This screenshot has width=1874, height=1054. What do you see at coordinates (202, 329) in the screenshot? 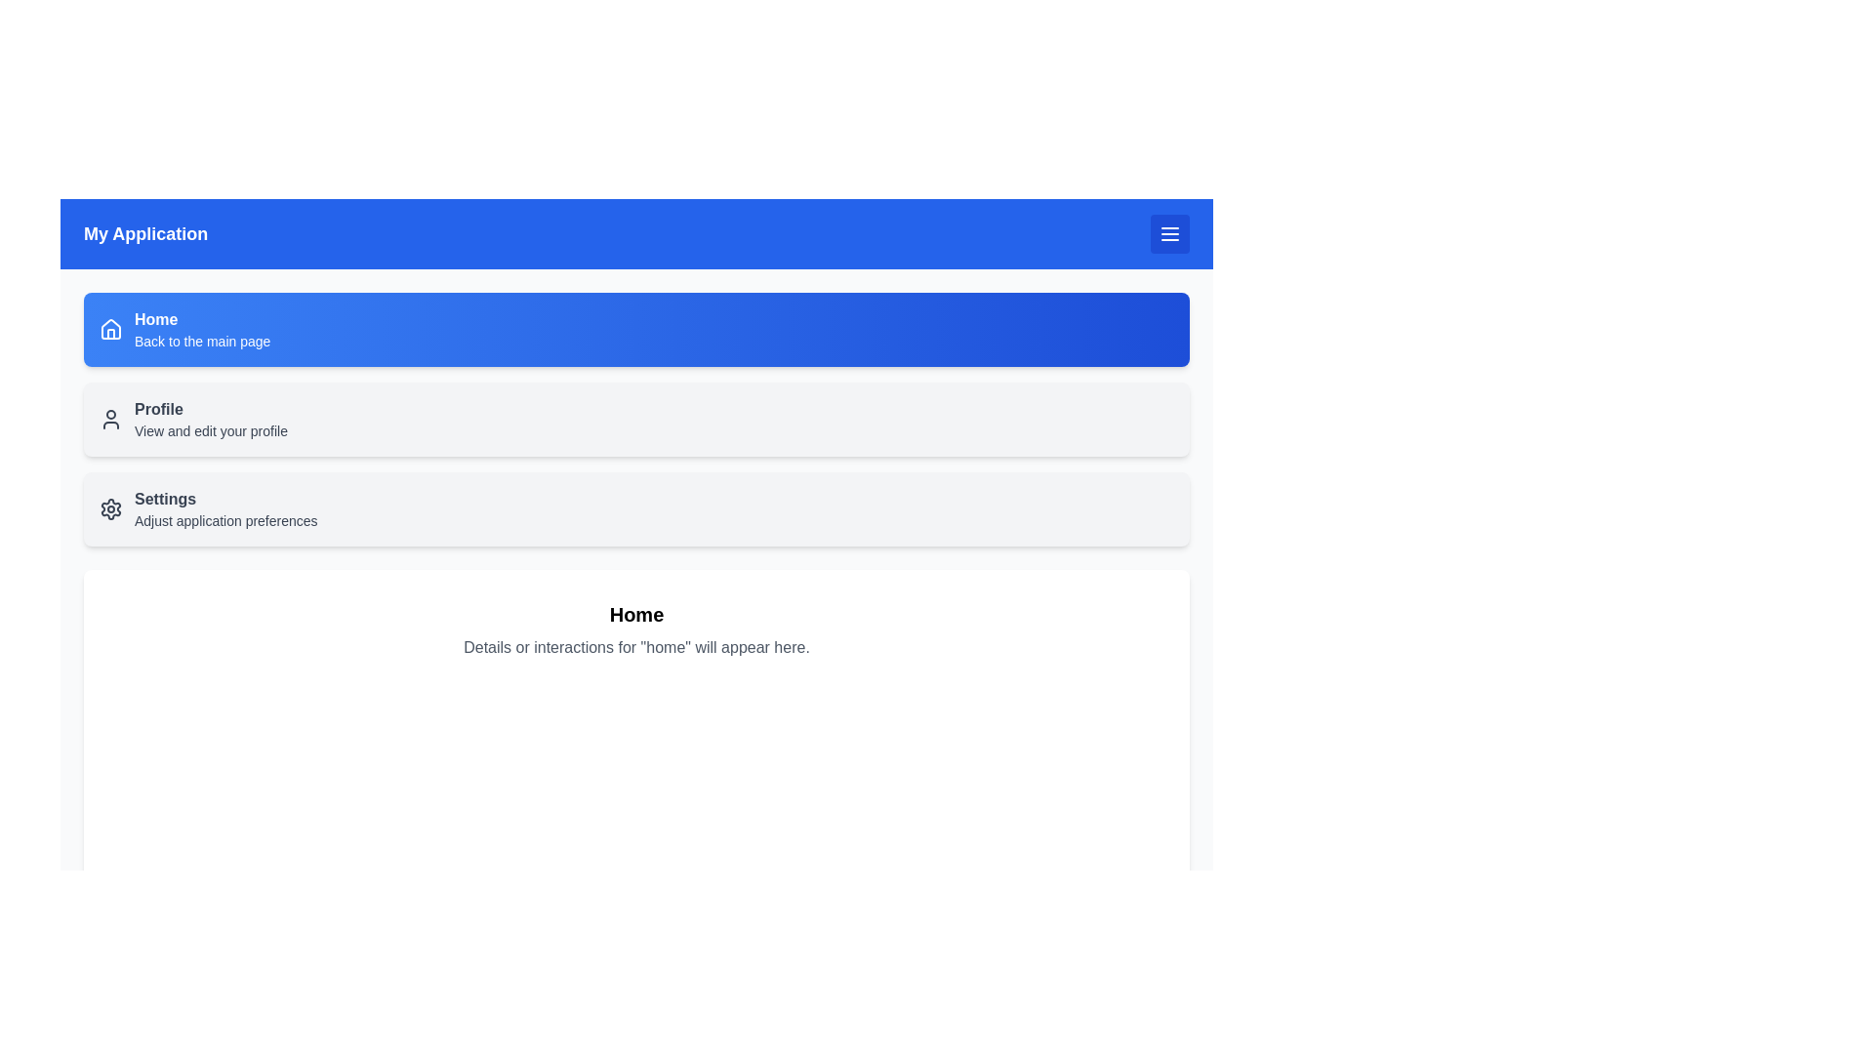
I see `the navigational button that directs users back to the homepage, located at the top left area of the interface, below the application header bar` at bounding box center [202, 329].